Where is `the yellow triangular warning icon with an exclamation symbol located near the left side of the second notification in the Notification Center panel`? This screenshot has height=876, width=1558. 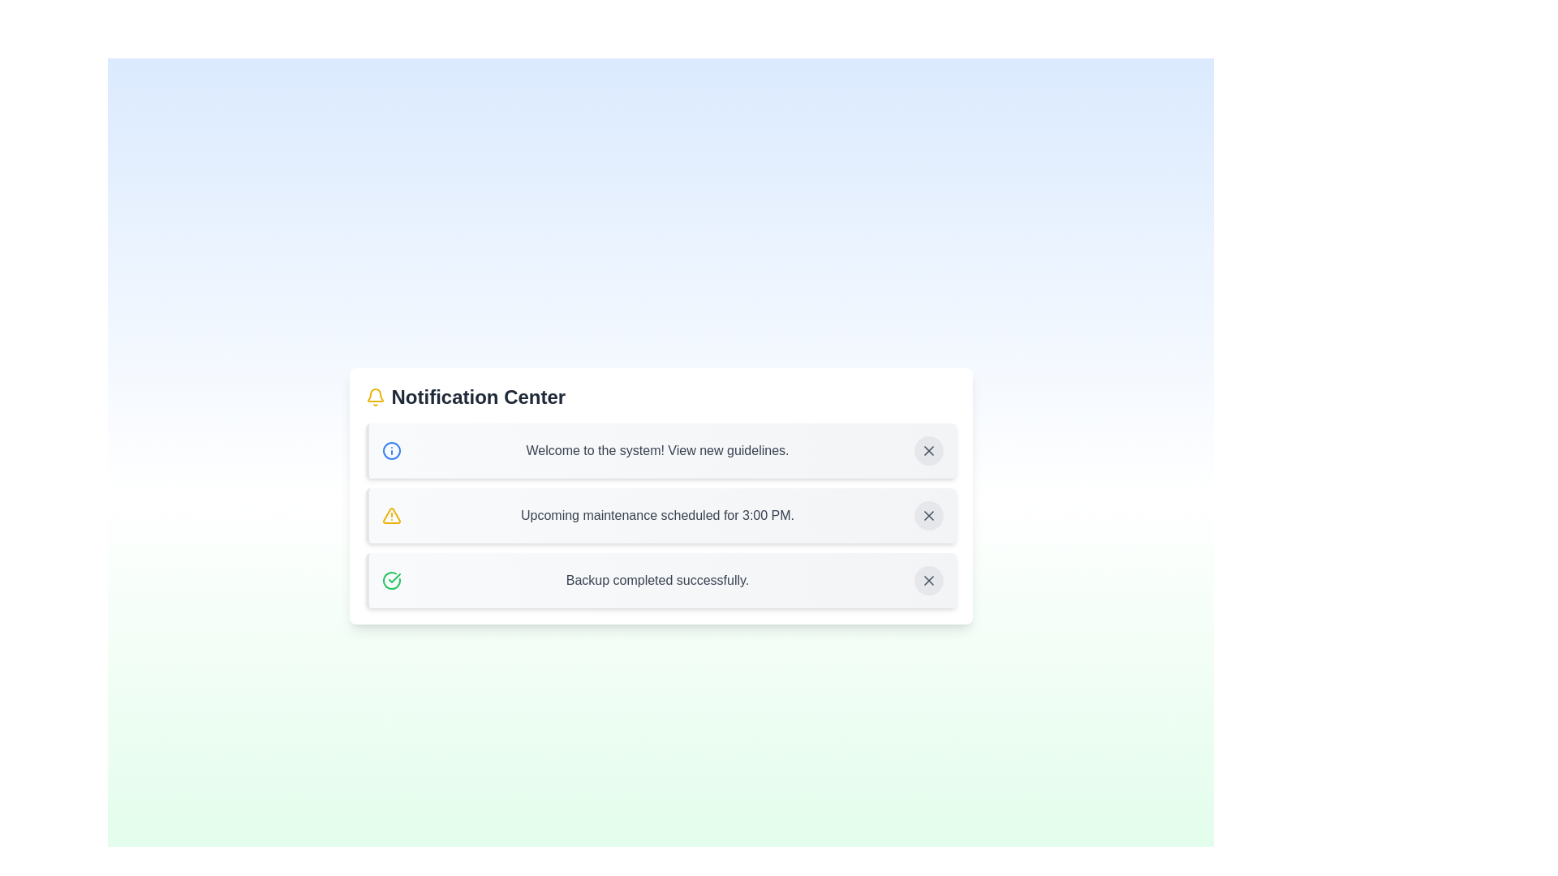
the yellow triangular warning icon with an exclamation symbol located near the left side of the second notification in the Notification Center panel is located at coordinates (391, 516).